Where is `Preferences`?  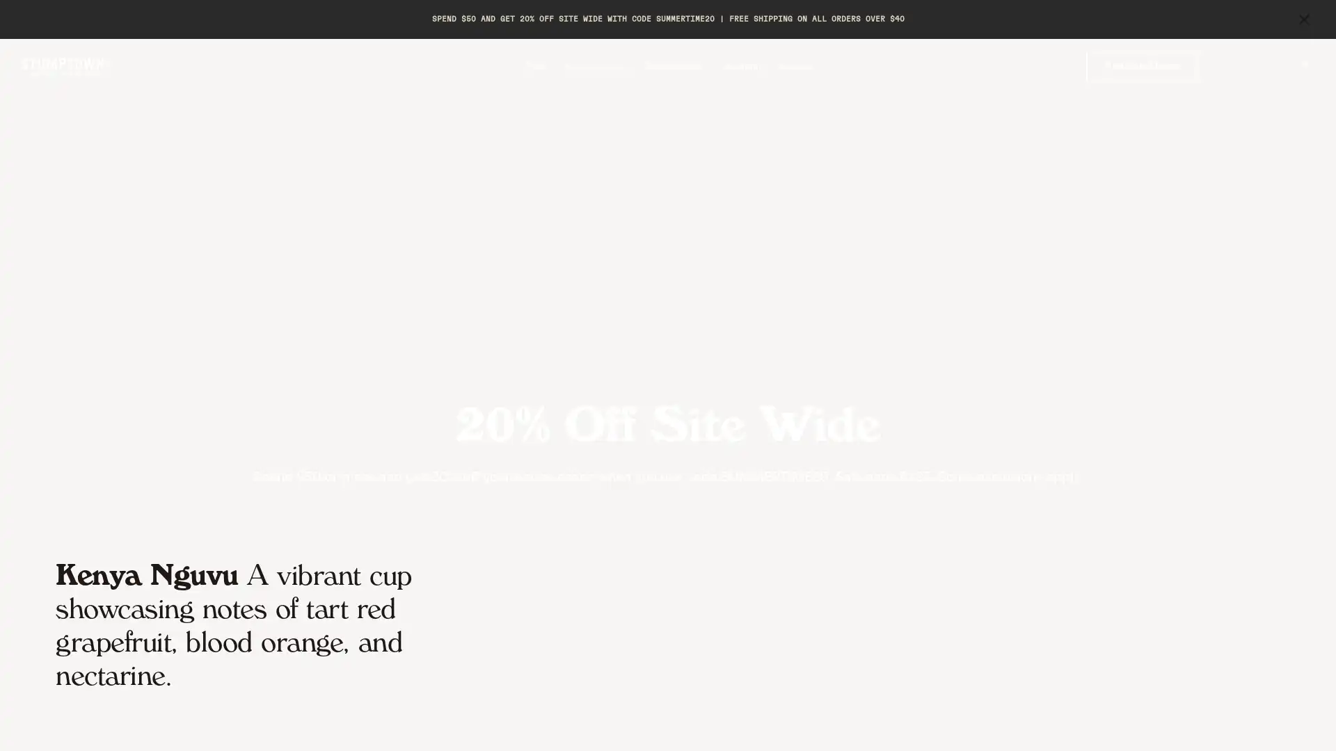
Preferences is located at coordinates (1186, 732).